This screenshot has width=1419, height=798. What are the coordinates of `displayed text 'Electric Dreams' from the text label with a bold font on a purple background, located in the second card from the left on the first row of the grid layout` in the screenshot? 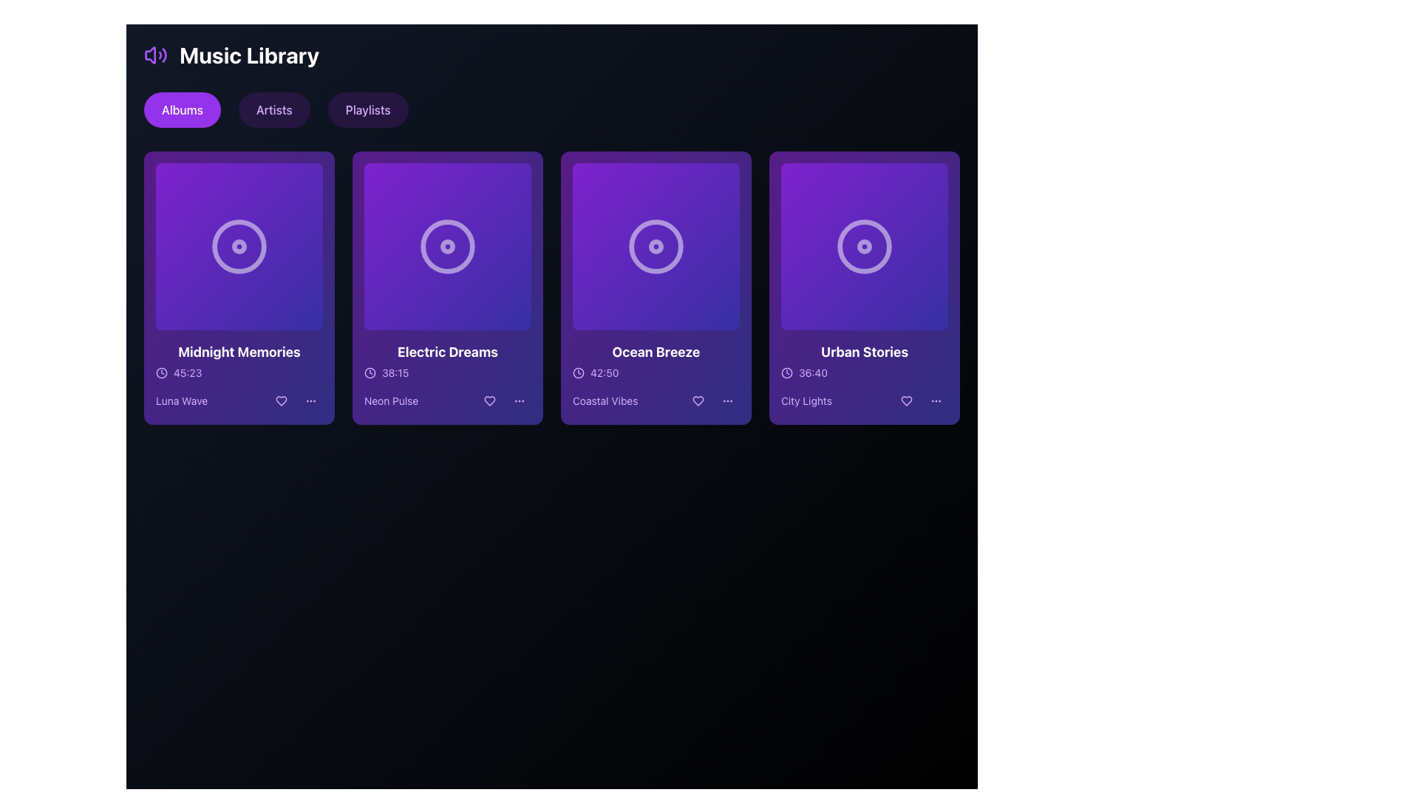 It's located at (446, 352).